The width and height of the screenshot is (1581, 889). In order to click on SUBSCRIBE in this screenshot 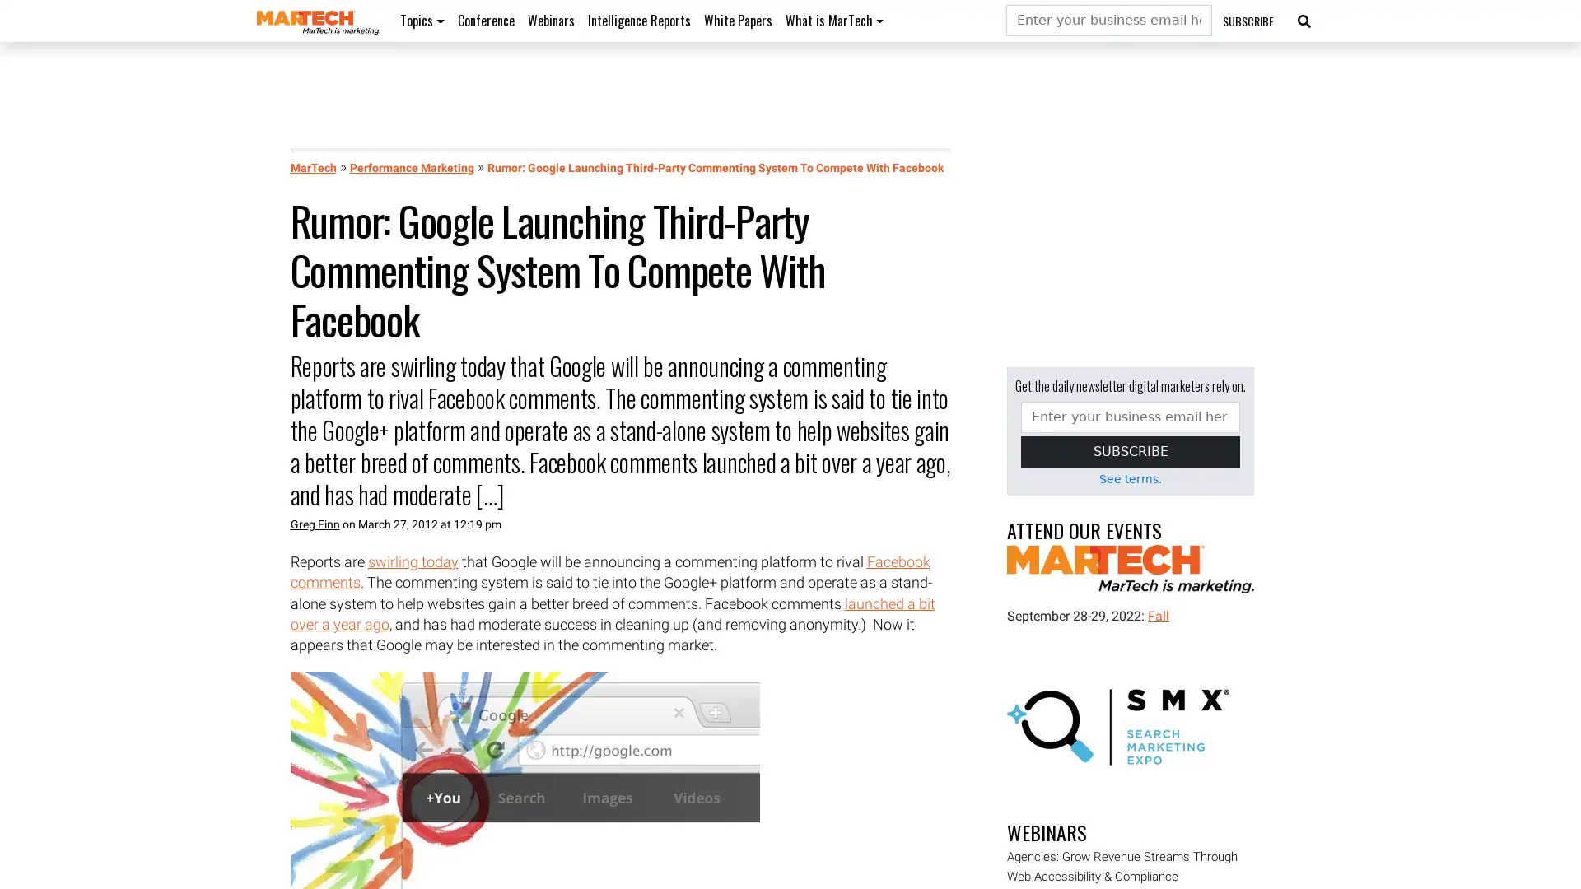, I will do `click(1248, 20)`.